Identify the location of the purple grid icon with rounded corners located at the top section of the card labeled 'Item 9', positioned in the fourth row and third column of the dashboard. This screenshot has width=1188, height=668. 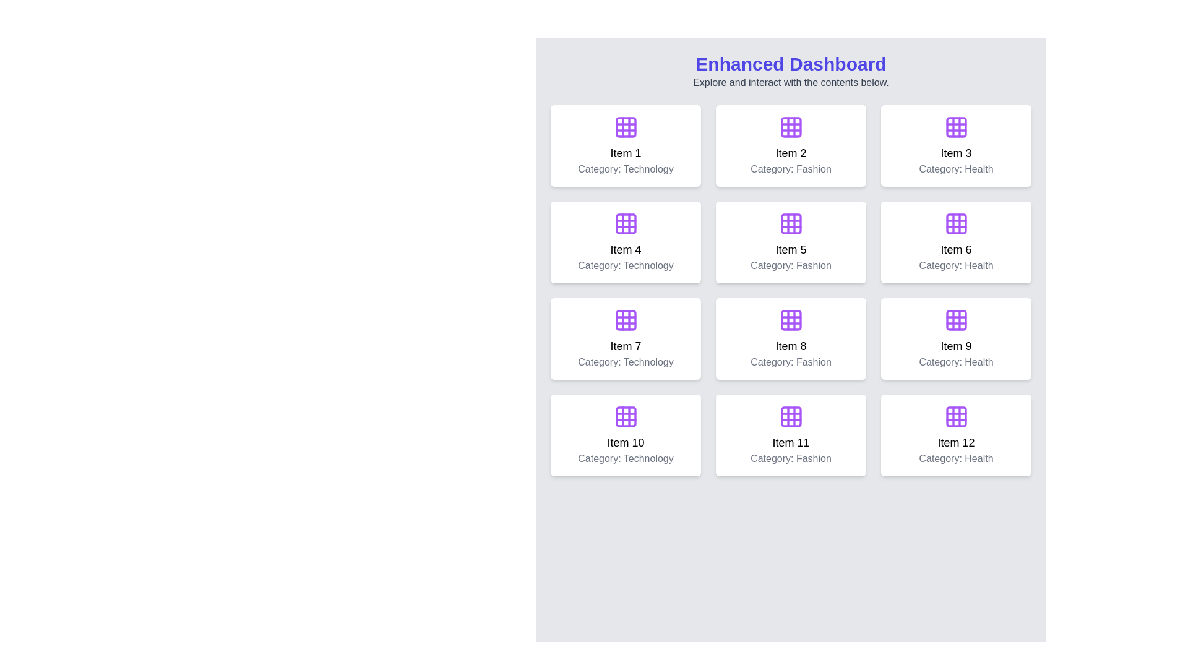
(955, 319).